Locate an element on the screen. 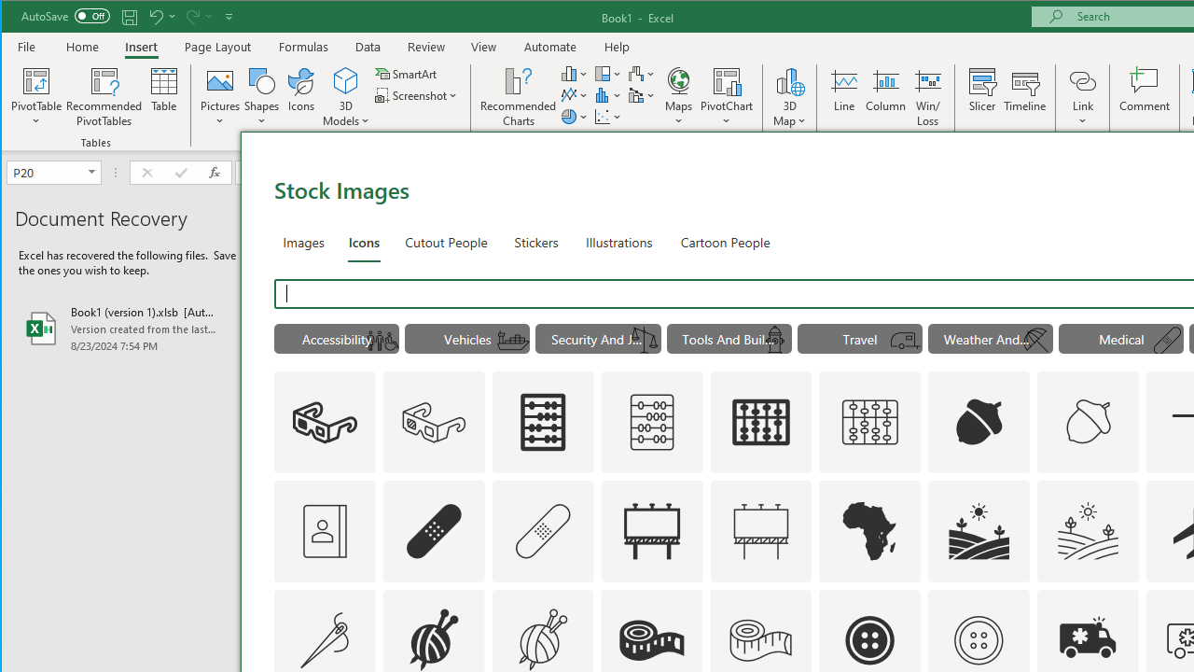 Image resolution: width=1194 pixels, height=672 pixels. 'Link' is located at coordinates (1082, 97).